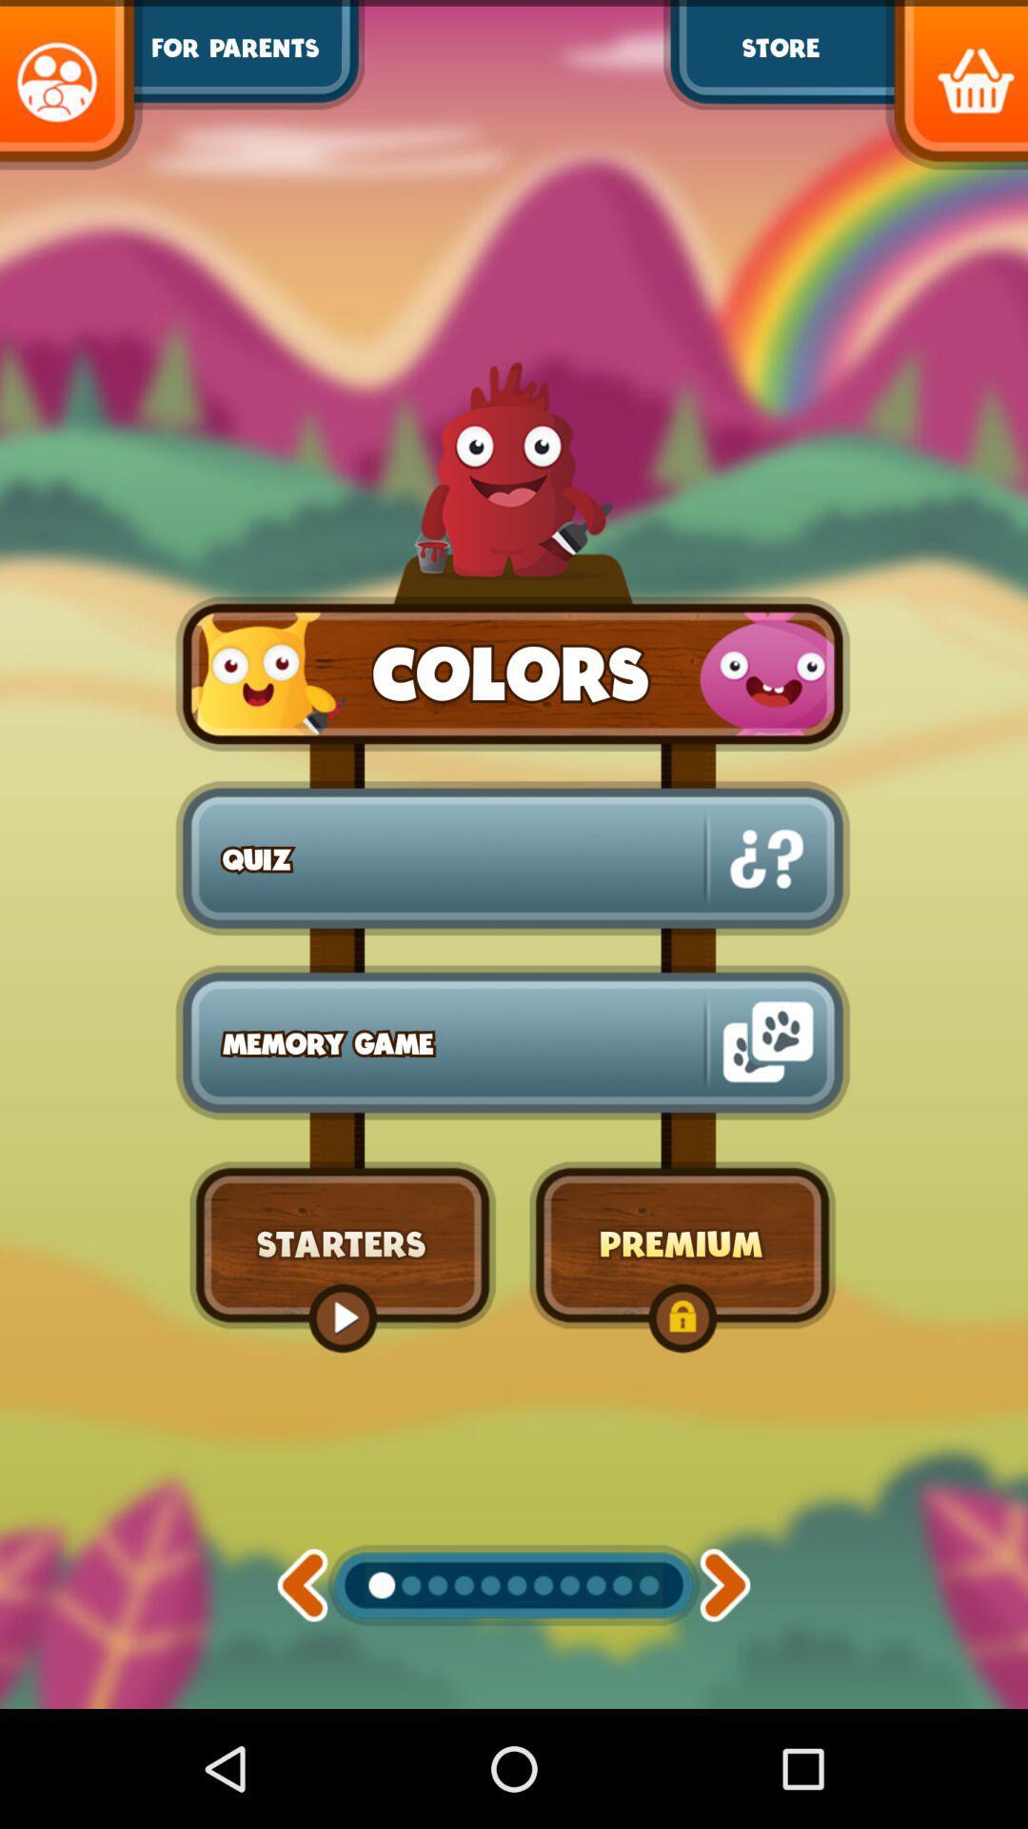 The height and width of the screenshot is (1829, 1028). Describe the element at coordinates (725, 1697) in the screenshot. I see `the av_forward icon` at that location.